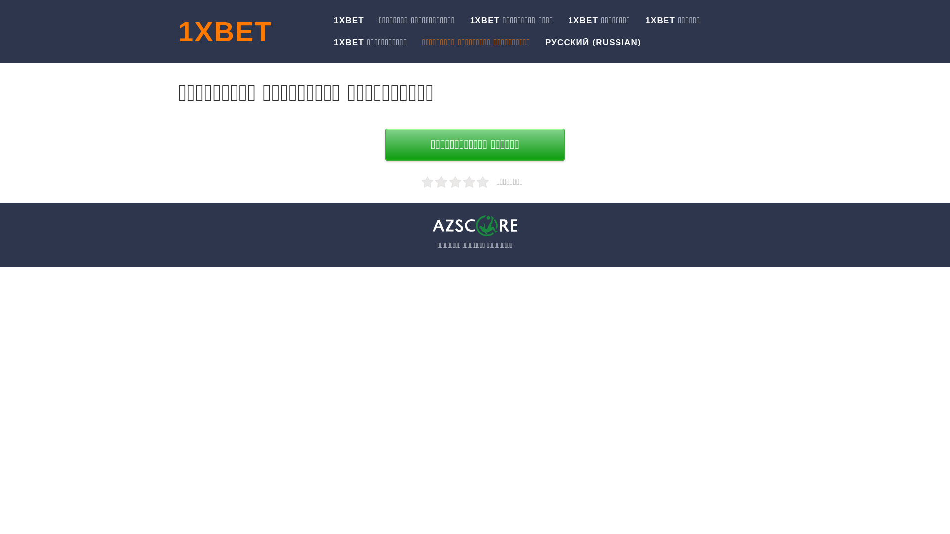  I want to click on 'Skip to content', so click(0, 0).